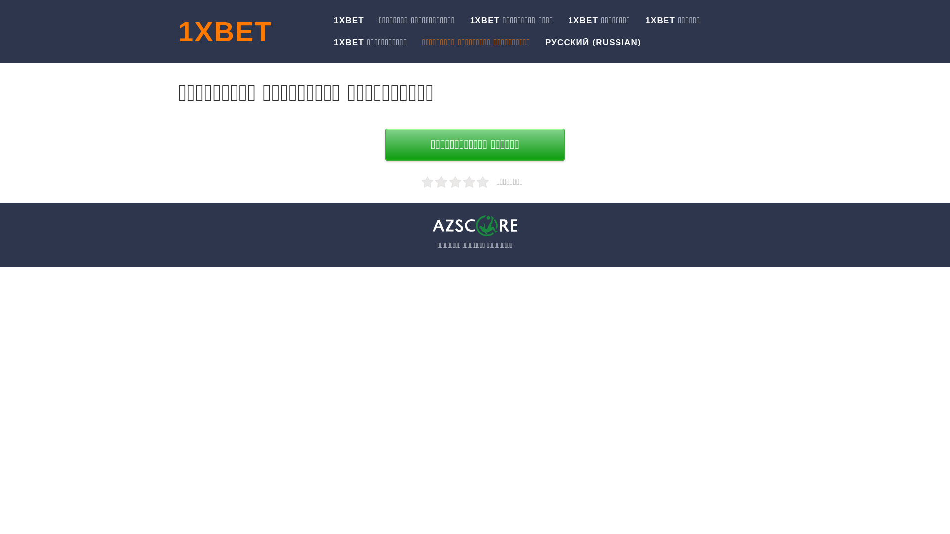  I want to click on 'Skip to content', so click(0, 0).